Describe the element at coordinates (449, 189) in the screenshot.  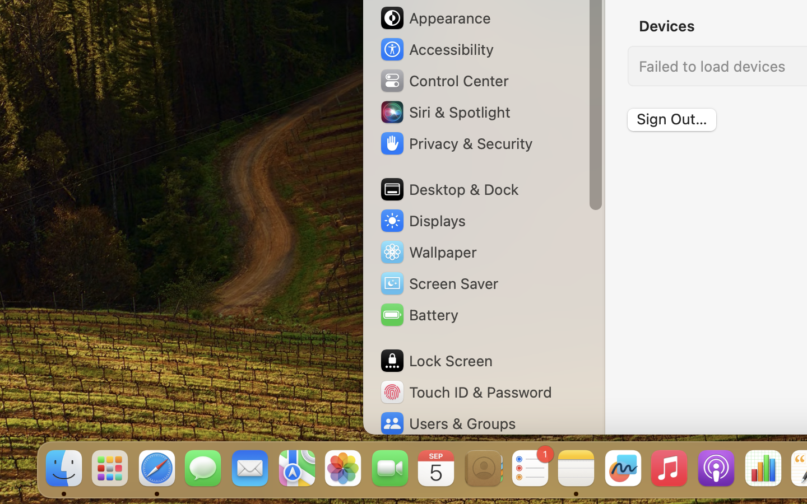
I see `'Desktop & Dock'` at that location.